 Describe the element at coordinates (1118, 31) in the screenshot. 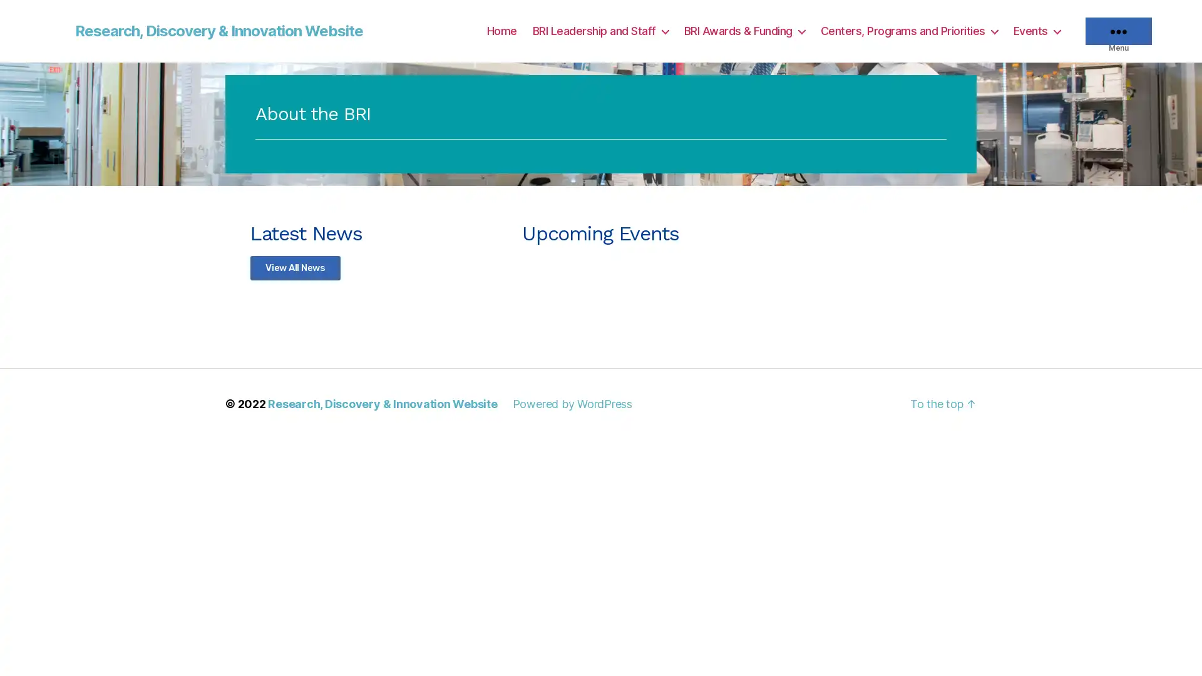

I see `Menu` at that location.